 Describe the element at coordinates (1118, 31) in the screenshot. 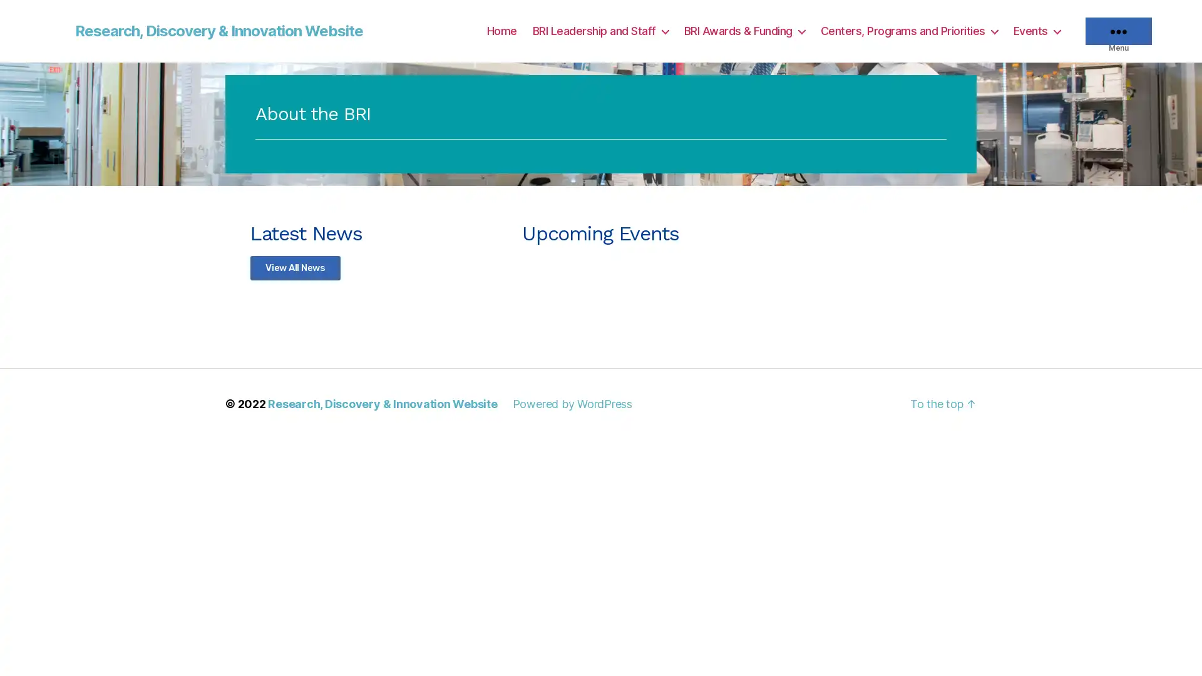

I see `Menu` at that location.